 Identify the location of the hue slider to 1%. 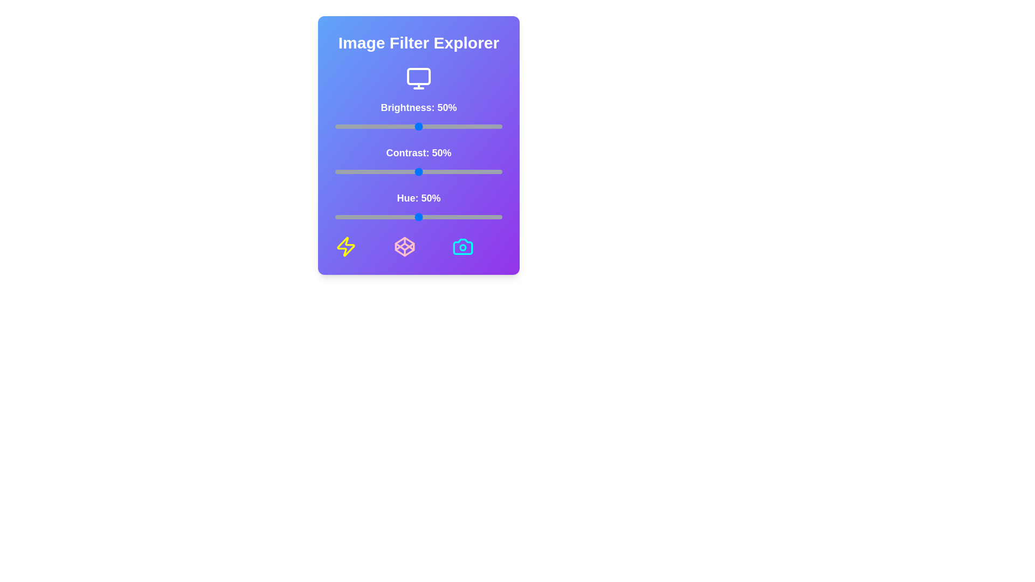
(336, 217).